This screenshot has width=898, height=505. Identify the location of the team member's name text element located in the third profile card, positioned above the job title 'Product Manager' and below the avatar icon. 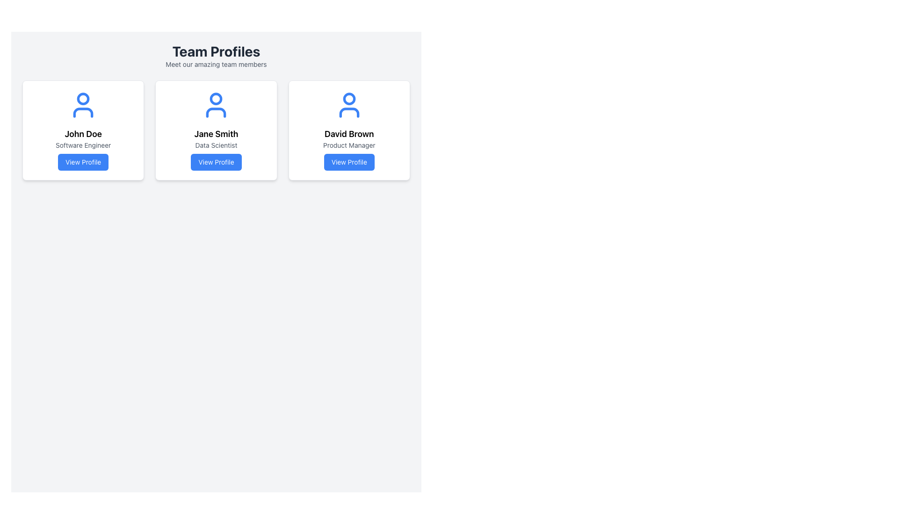
(348, 134).